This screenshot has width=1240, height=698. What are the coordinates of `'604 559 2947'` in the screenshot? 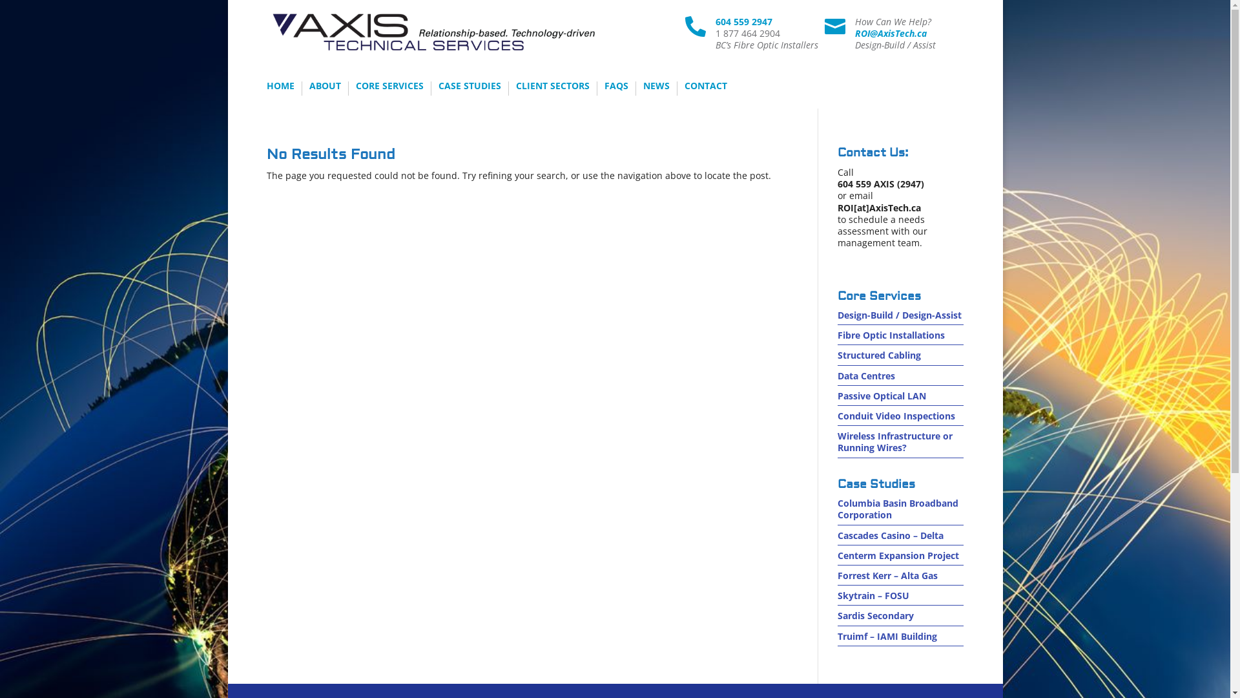 It's located at (744, 21).